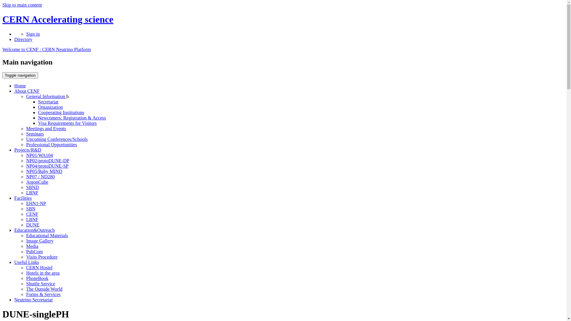  Describe the element at coordinates (26, 214) in the screenshot. I see `'CENF'` at that location.